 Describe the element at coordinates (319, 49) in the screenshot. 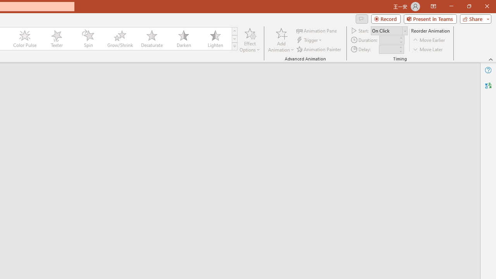

I see `'Animation Painter'` at that location.